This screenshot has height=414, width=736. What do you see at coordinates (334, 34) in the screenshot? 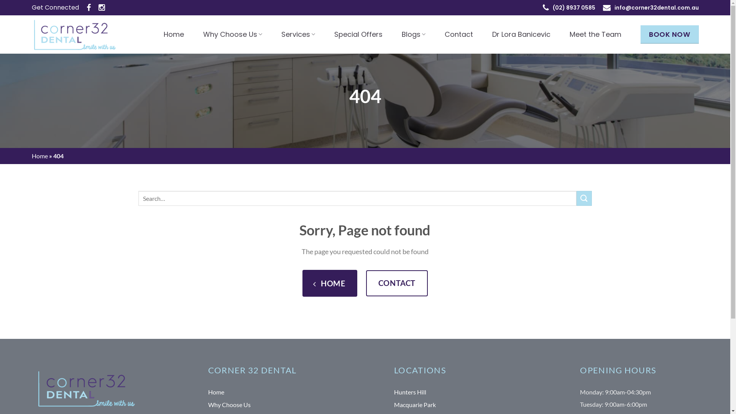
I see `'Special Offers'` at bounding box center [334, 34].